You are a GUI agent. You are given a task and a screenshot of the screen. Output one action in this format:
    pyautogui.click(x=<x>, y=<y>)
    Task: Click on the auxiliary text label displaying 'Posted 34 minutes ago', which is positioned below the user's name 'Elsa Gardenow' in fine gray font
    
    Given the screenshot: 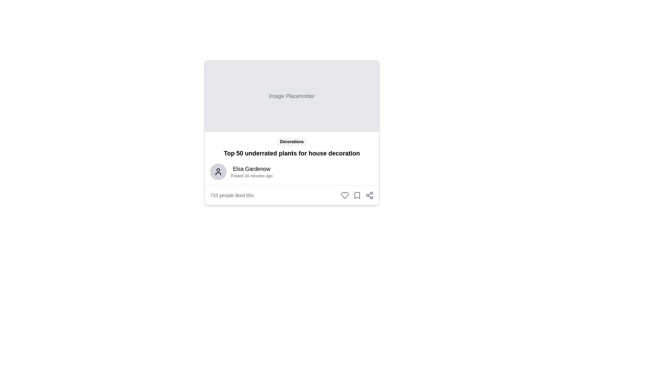 What is the action you would take?
    pyautogui.click(x=251, y=176)
    